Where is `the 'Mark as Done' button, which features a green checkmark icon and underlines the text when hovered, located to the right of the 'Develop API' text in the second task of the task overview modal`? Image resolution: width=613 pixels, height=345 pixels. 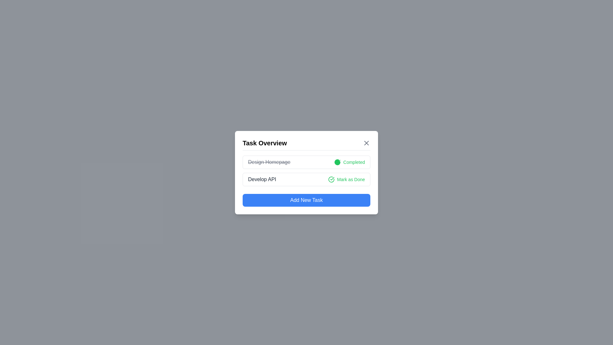
the 'Mark as Done' button, which features a green checkmark icon and underlines the text when hovered, located to the right of the 'Develop API' text in the second task of the task overview modal is located at coordinates (346, 179).